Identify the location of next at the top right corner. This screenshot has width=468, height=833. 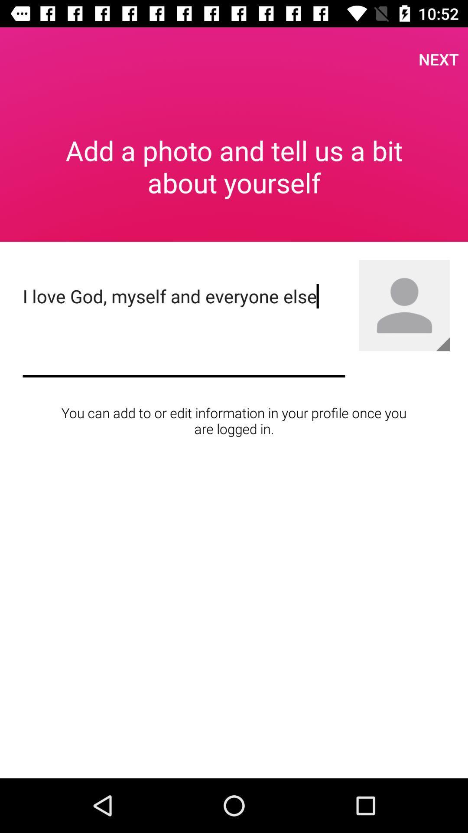
(439, 59).